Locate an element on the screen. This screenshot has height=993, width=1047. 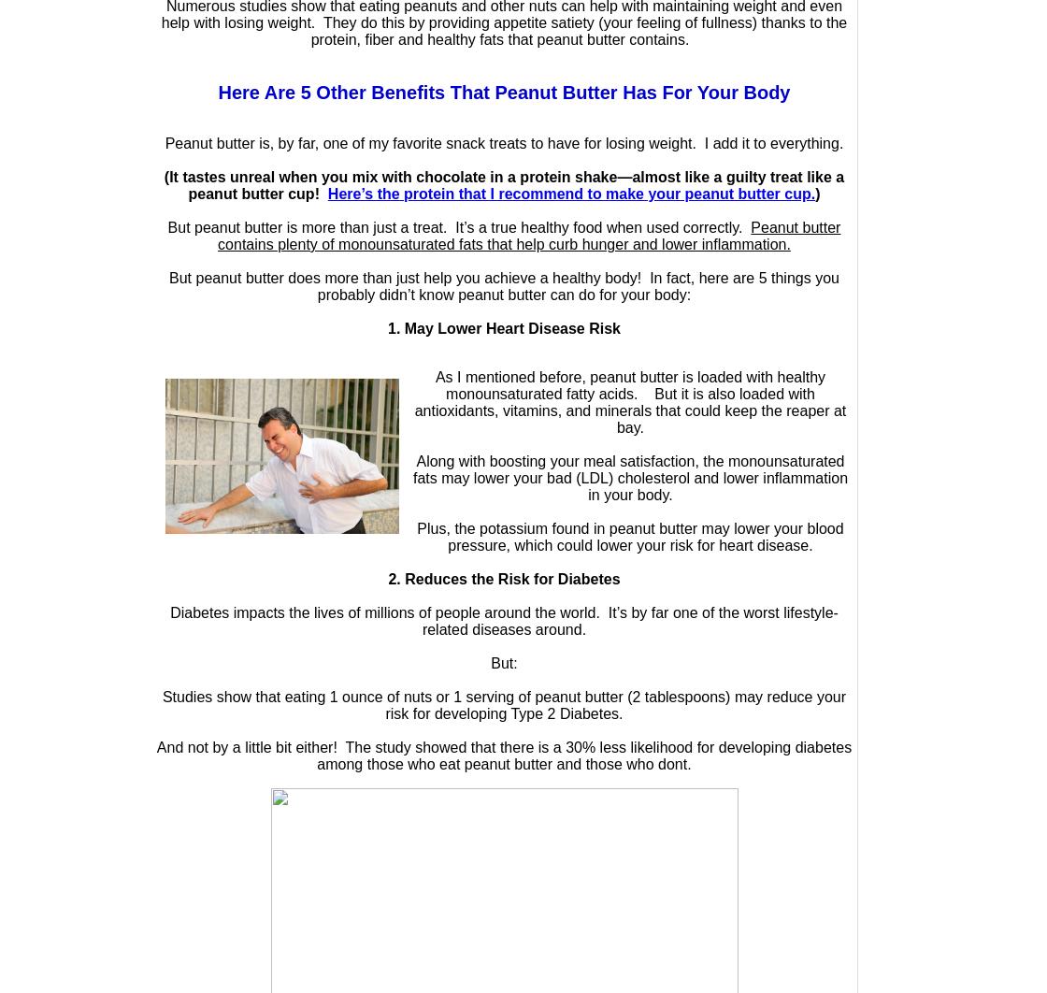
'Peanut butter contains plenty of monounsaturated fats that help curb hunger and lower inflammation.' is located at coordinates (529, 236).